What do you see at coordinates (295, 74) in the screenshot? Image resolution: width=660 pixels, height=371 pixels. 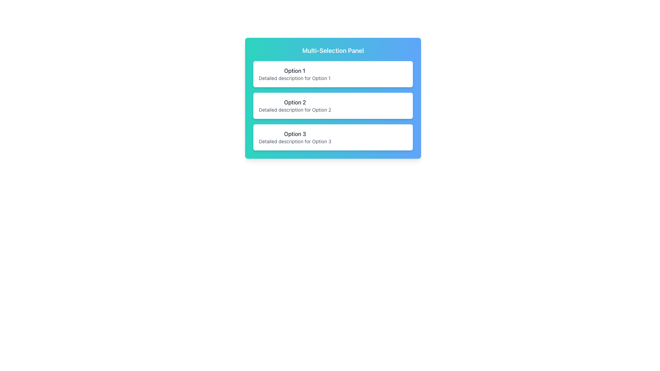 I see `the first card labeled 'Option 1' to confirm selection within the 'Multi-Selection Panel'` at bounding box center [295, 74].